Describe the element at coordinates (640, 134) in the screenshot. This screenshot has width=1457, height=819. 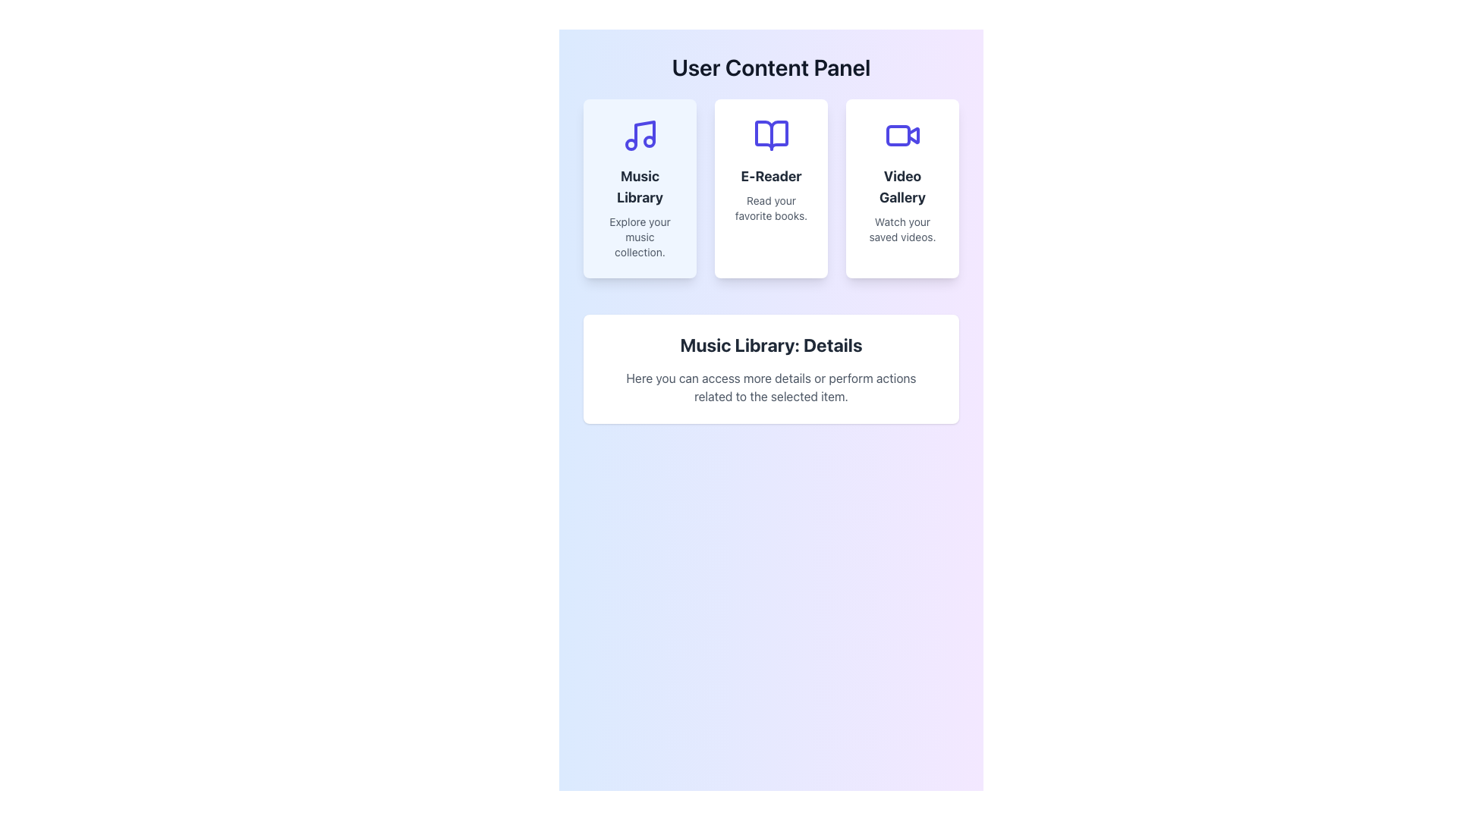
I see `the 'Music Library' card by clicking on the musical note icon at the top-center of the card` at that location.